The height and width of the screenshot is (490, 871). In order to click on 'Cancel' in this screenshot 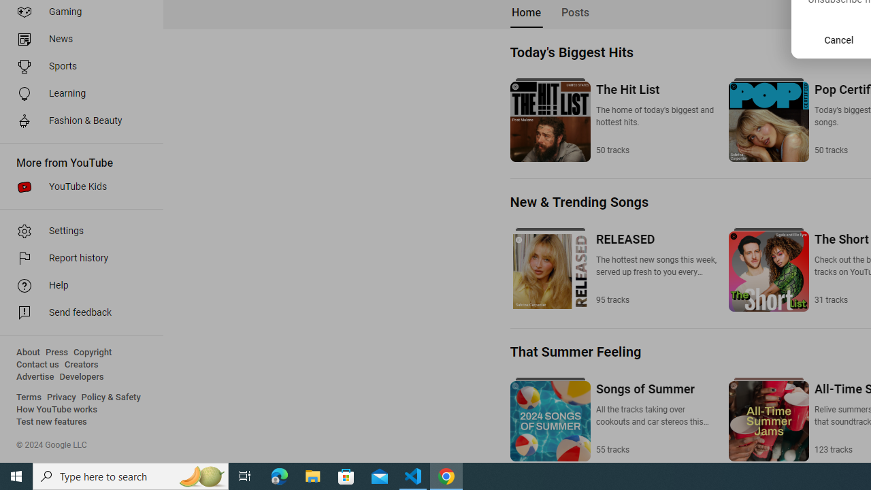, I will do `click(838, 39)`.